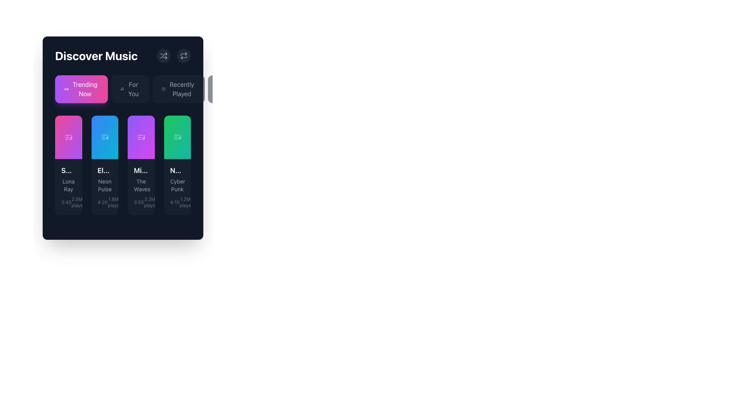  Describe the element at coordinates (163, 55) in the screenshot. I see `the shuffle icon located inside a rounded button near the top-right corner of the 'Discover Music' area, adjacent to a reload icon` at that location.